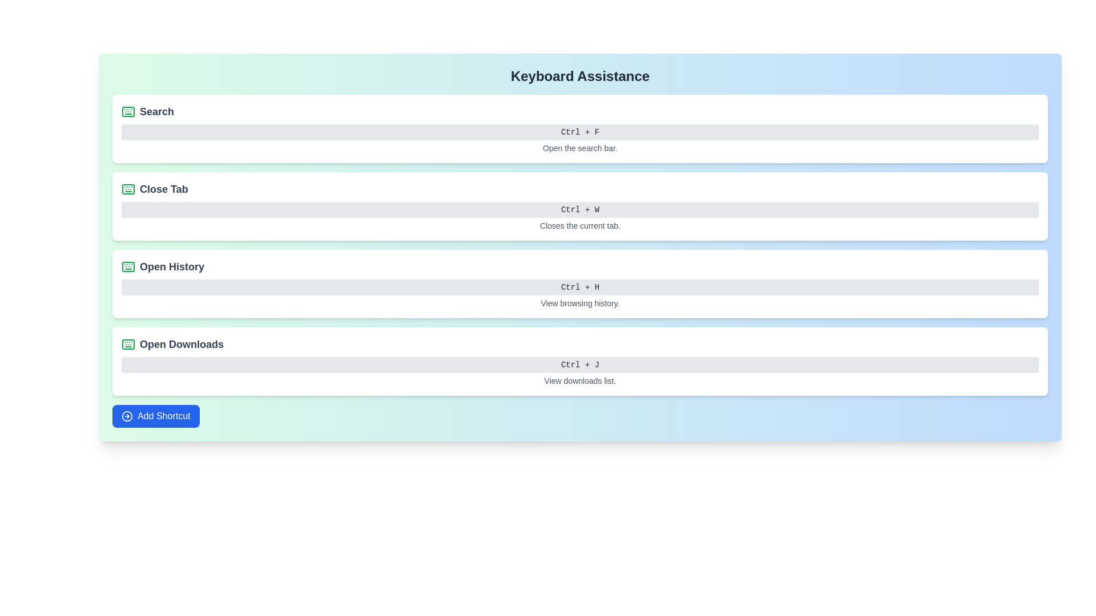 The height and width of the screenshot is (616, 1096). Describe the element at coordinates (580, 365) in the screenshot. I see `the Text Label displaying 'Ctrl + J' with a gray, rounded background, which is positioned below 'Open Downloads' and above 'View downloads list.'` at that location.